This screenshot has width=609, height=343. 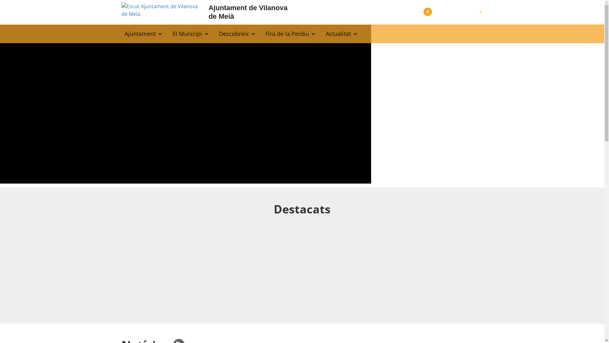 I want to click on 'https://www.facebook.com/AjuntamentVilanovadeMeia', so click(x=428, y=11).